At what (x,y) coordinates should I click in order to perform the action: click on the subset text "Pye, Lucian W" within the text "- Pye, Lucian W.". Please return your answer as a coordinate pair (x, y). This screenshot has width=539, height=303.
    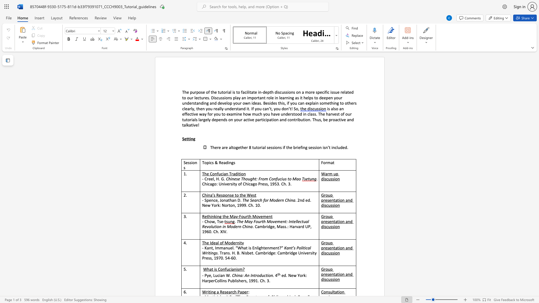
    Looking at the image, I should click on (204, 275).